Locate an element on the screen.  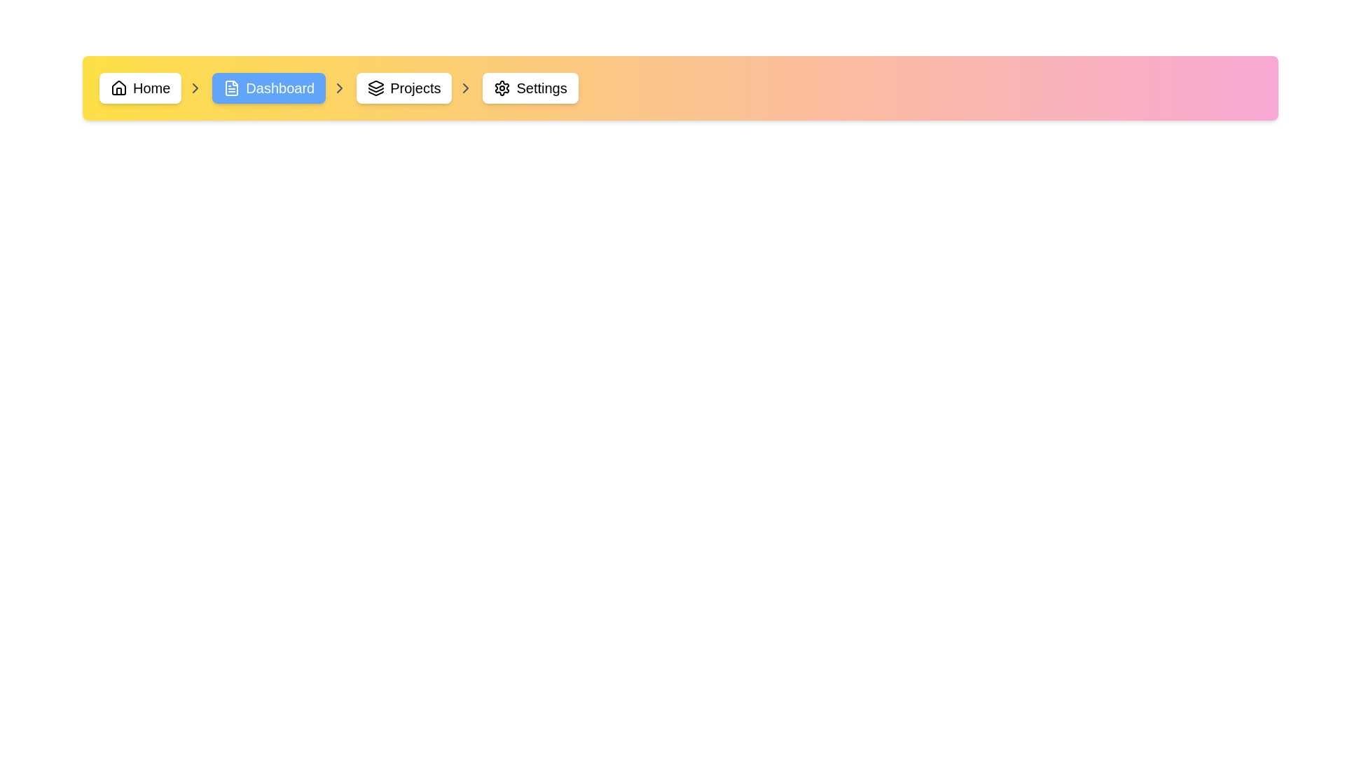
the gear icon at the rightmost end of the breadcrumb navigation bar is located at coordinates (502, 88).